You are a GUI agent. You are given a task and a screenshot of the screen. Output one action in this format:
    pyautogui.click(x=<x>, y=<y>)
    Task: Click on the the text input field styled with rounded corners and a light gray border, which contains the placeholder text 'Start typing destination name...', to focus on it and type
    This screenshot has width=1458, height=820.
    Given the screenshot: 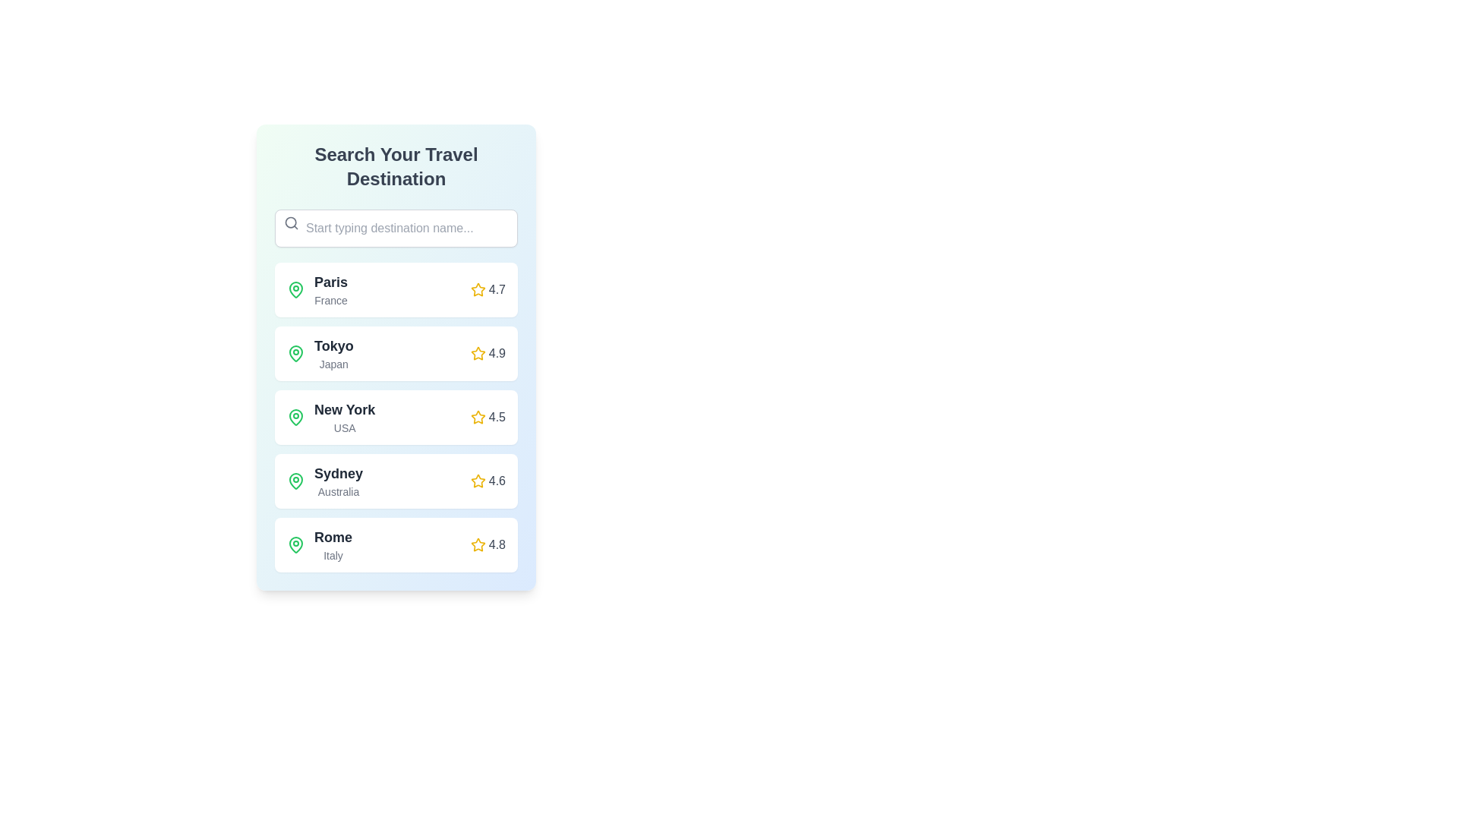 What is the action you would take?
    pyautogui.click(x=396, y=228)
    